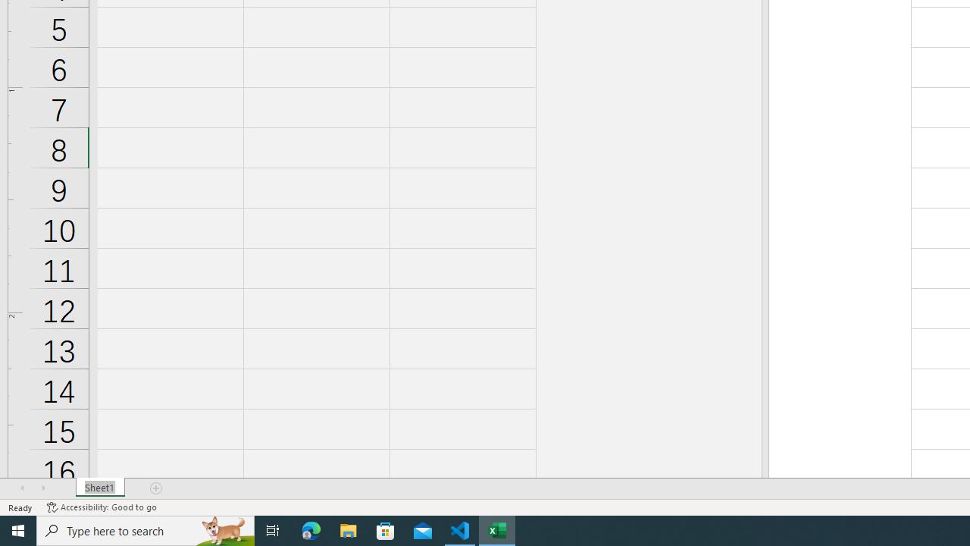 This screenshot has height=546, width=970. I want to click on 'Sheet1', so click(99, 488).